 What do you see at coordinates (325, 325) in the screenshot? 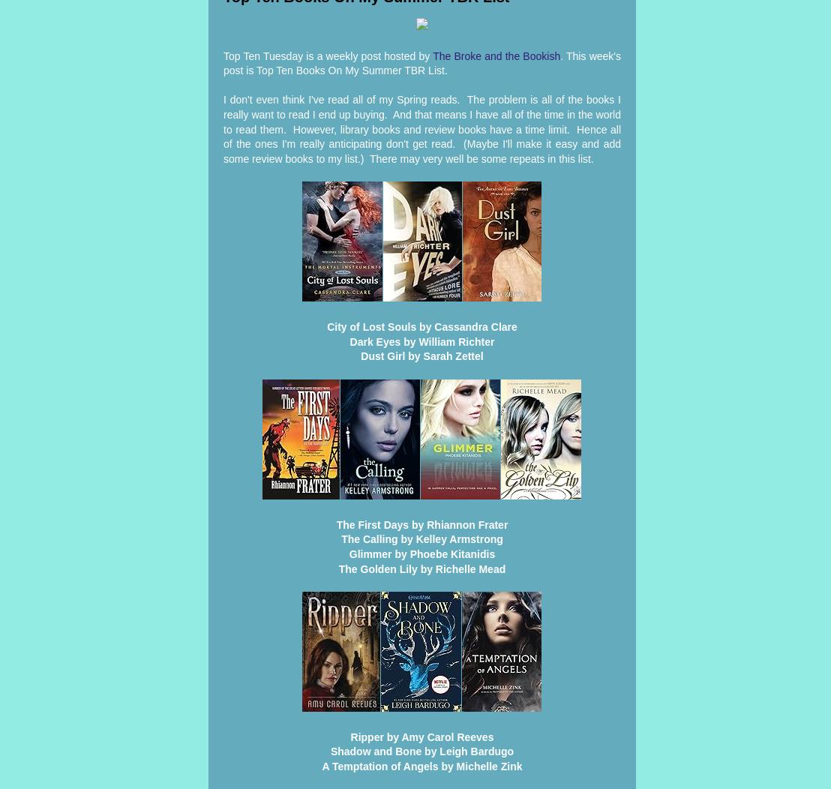
I see `'City of Lost Souls by Cassandra Clare'` at bounding box center [325, 325].